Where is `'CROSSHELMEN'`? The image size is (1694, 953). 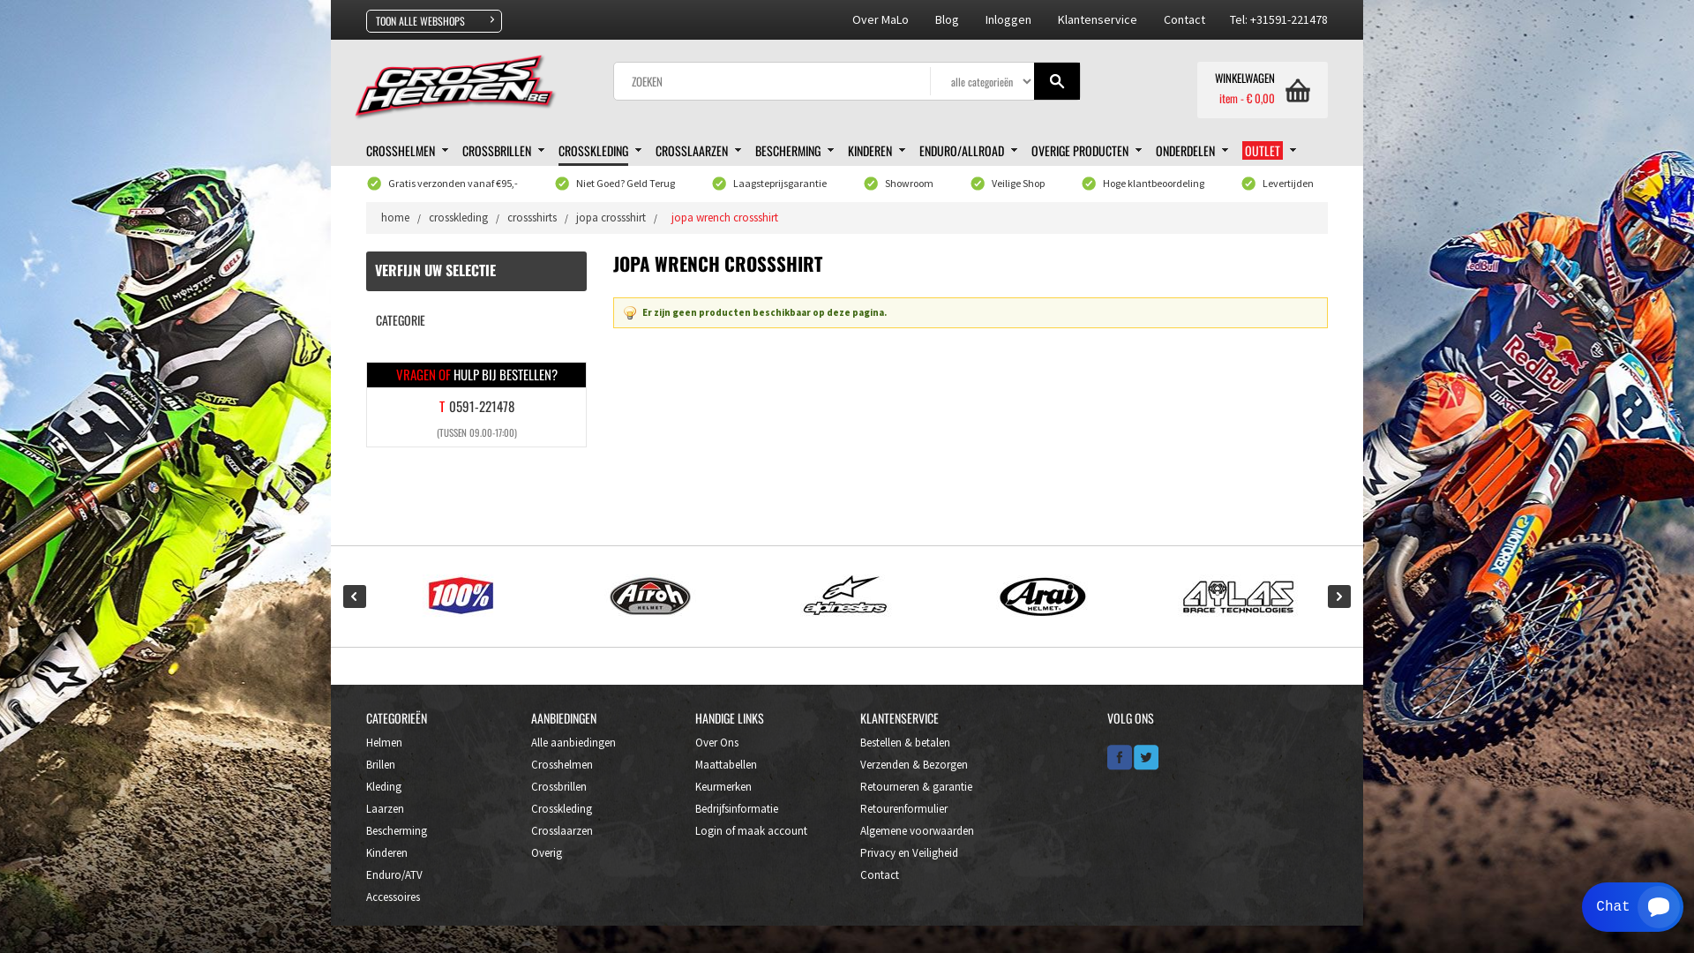
'CROSSHELMEN' is located at coordinates (406, 149).